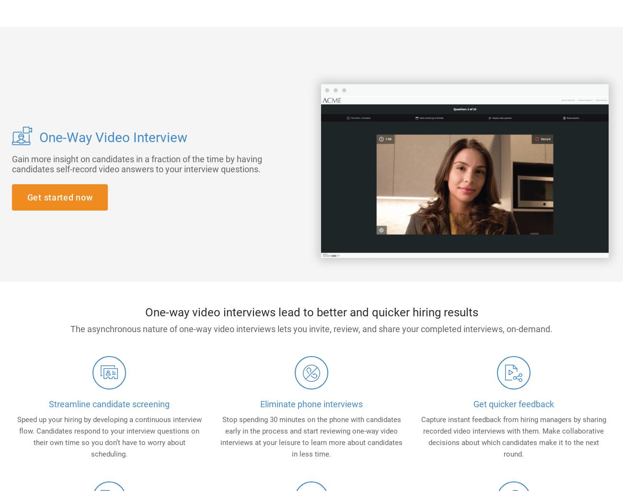 This screenshot has width=623, height=491. I want to click on 'View ATS integrations', so click(335, 129).